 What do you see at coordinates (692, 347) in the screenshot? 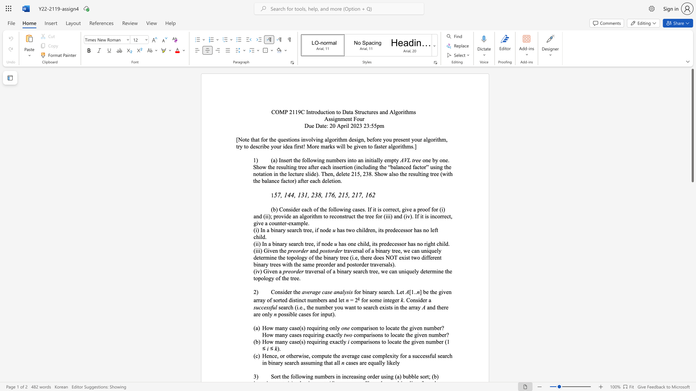
I see `the scrollbar to scroll the page down` at bounding box center [692, 347].